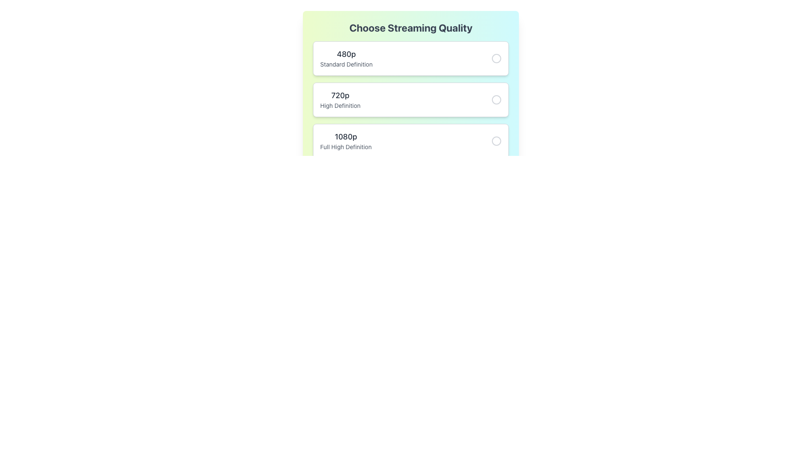 The image size is (810, 455). What do you see at coordinates (346, 146) in the screenshot?
I see `the text label displaying 'Full High Definition', which is located directly below '1080p' in the streaming quality options` at bounding box center [346, 146].